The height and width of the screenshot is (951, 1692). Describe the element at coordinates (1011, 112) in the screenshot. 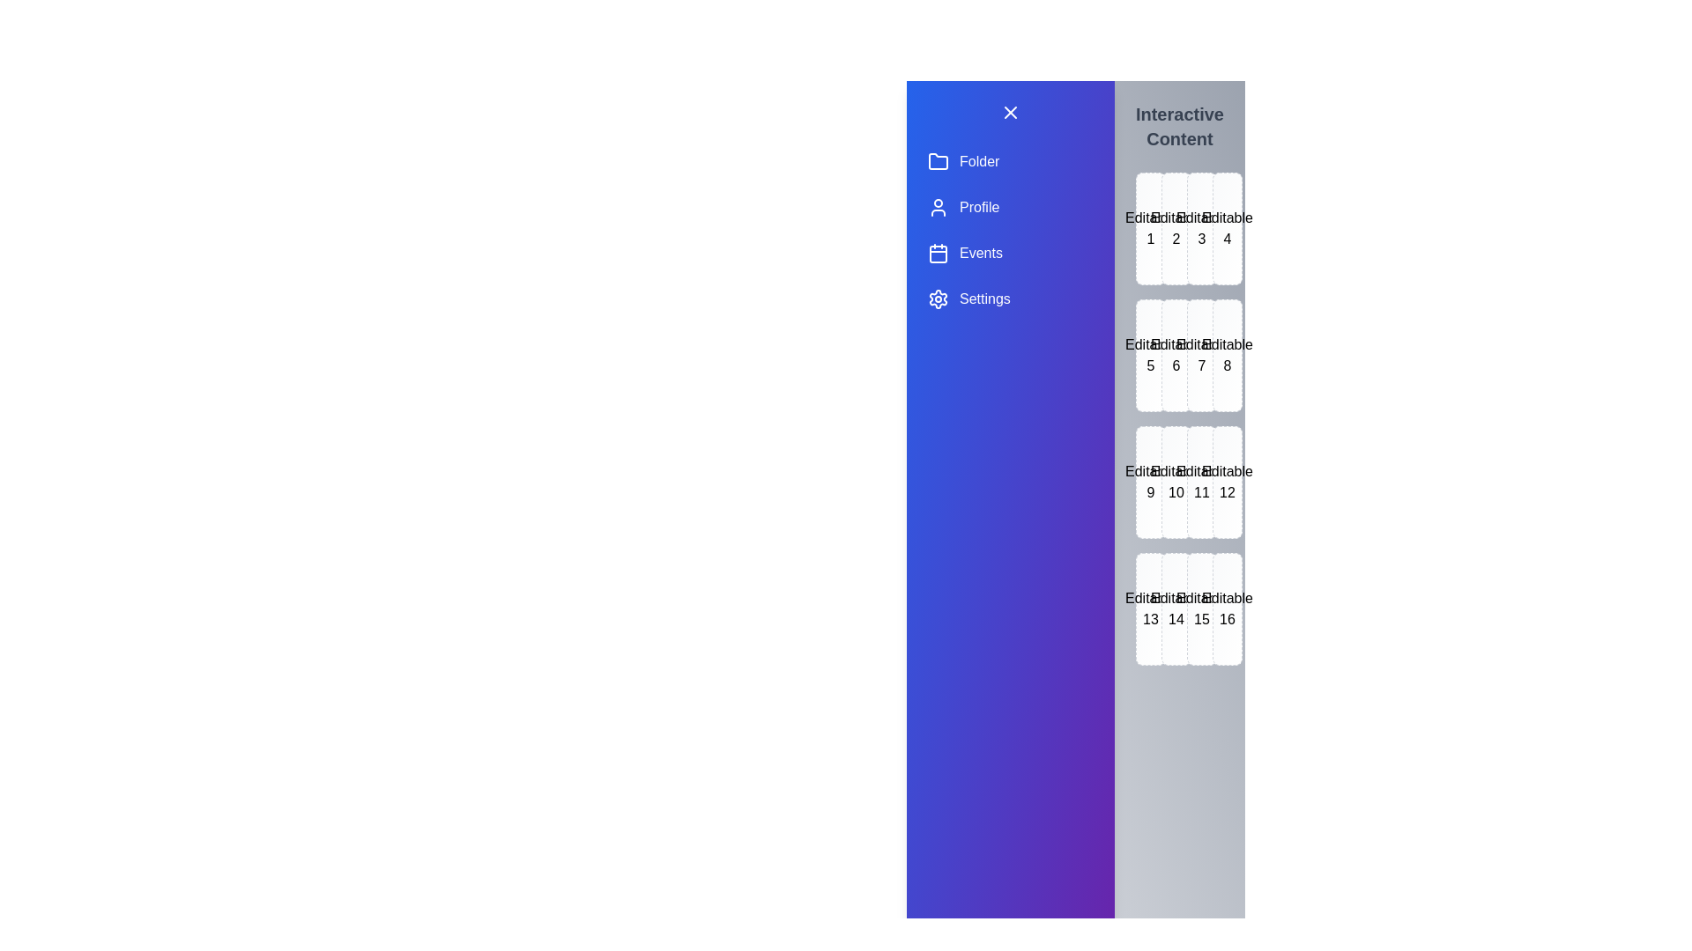

I see `toggle button to toggle the drawer open or closed` at that location.